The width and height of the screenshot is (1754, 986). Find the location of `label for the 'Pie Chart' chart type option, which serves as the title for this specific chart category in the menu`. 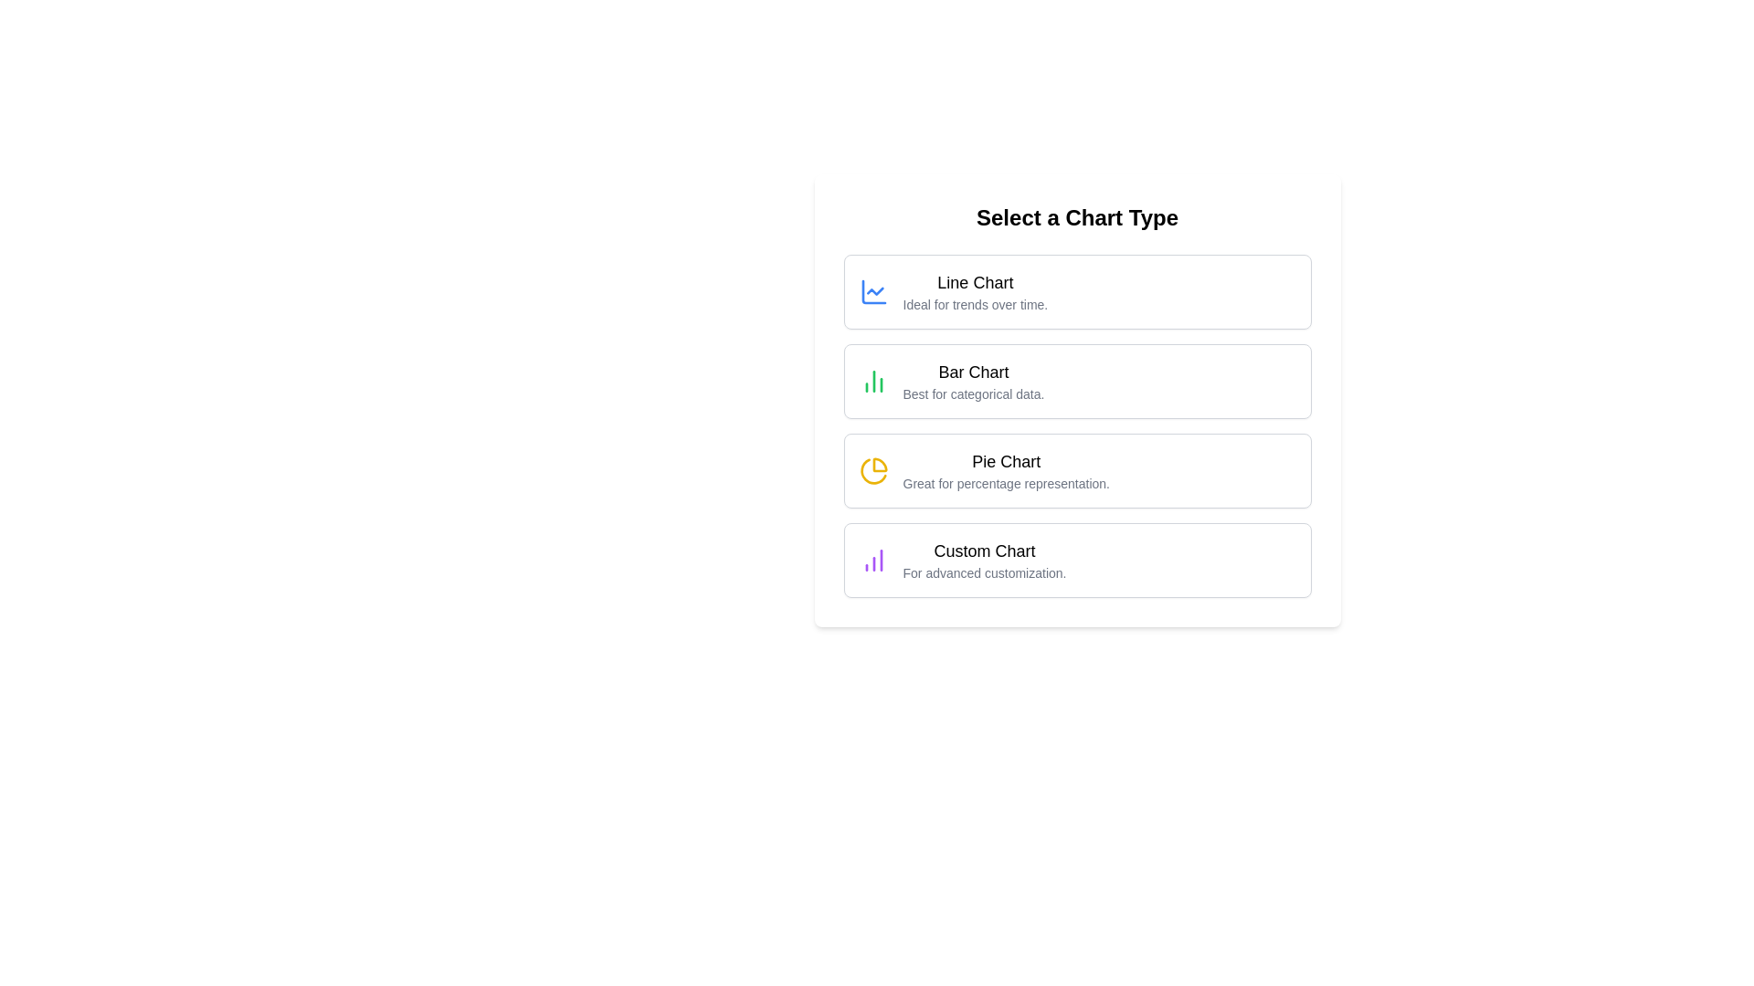

label for the 'Pie Chart' chart type option, which serves as the title for this specific chart category in the menu is located at coordinates (1005, 460).